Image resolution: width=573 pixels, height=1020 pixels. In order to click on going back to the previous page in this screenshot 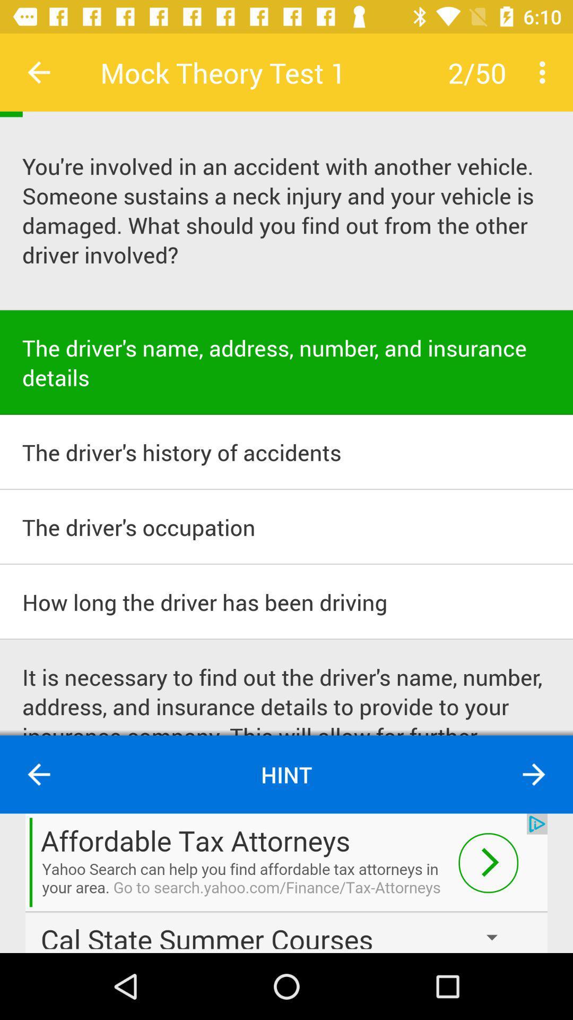, I will do `click(38, 72)`.